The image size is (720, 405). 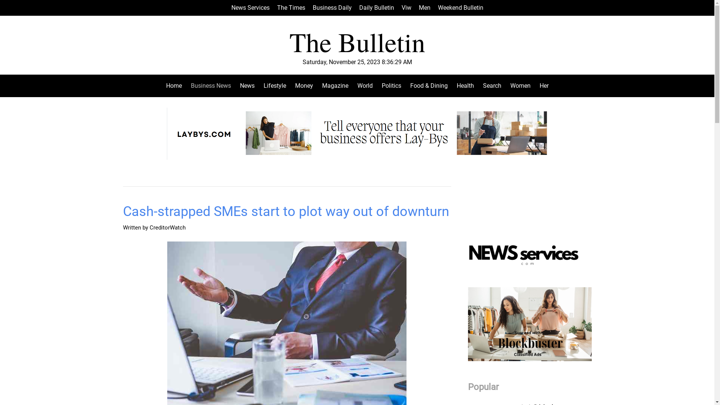 I want to click on 'Her', so click(x=541, y=85).